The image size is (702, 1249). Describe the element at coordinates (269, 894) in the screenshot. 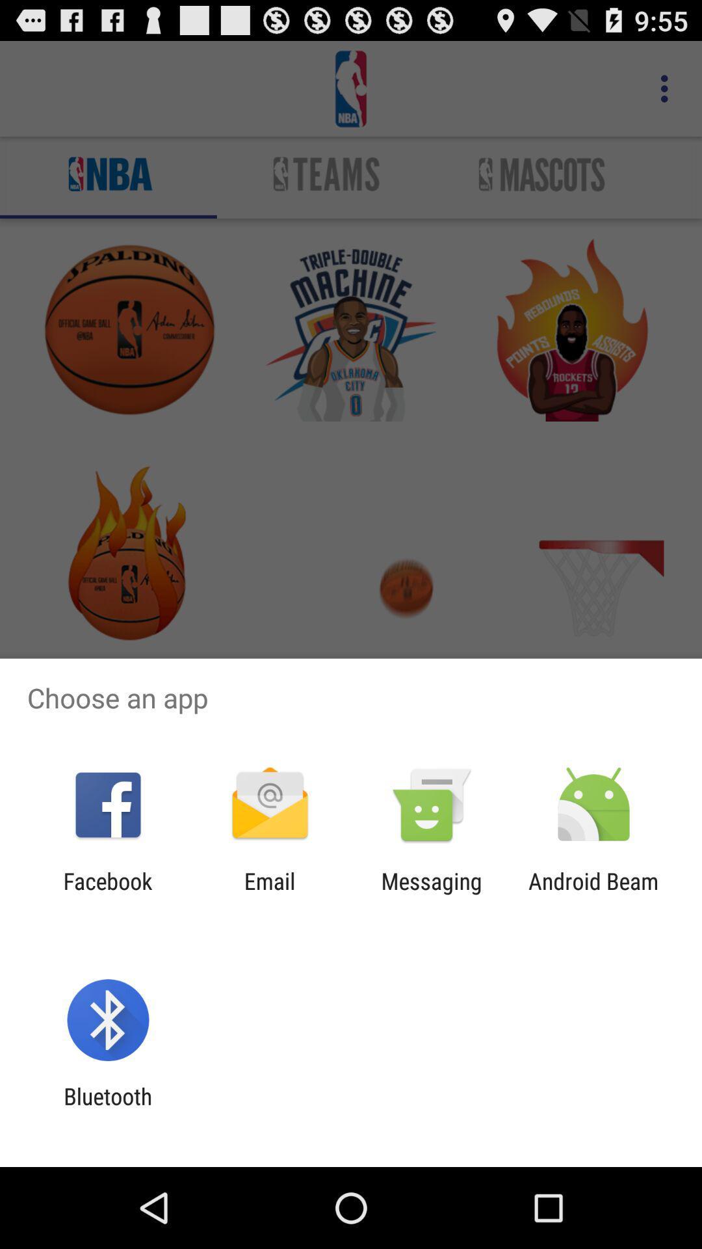

I see `item to the right of facebook icon` at that location.